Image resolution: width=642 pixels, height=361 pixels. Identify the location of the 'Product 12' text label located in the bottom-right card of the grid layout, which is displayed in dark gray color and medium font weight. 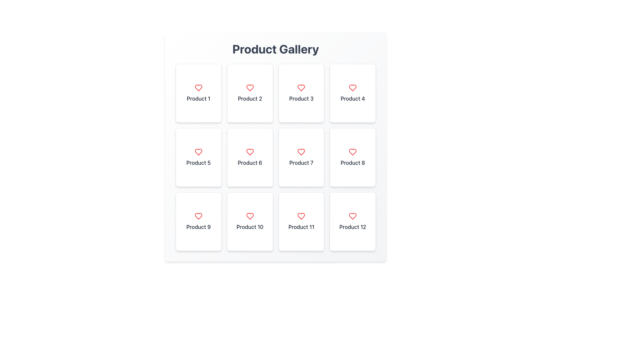
(352, 226).